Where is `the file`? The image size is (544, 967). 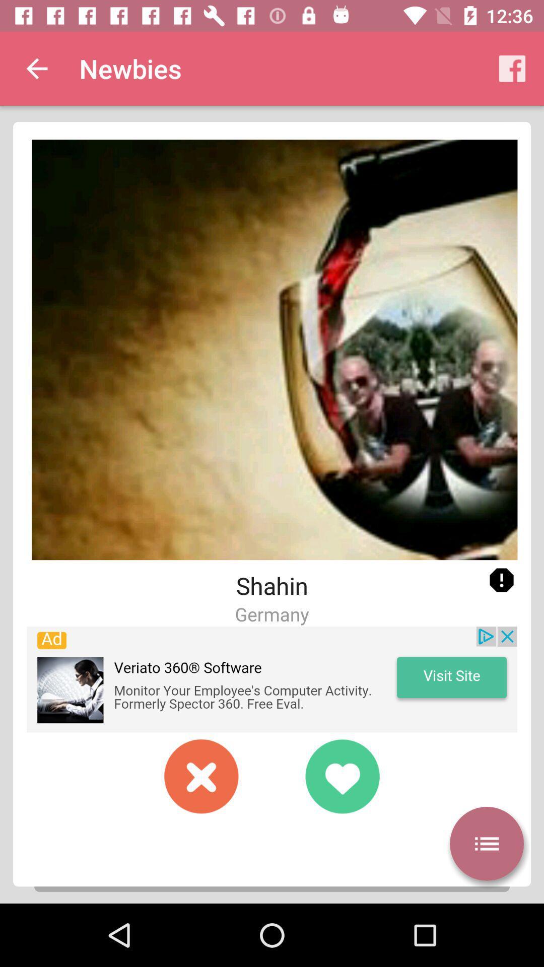
the file is located at coordinates (201, 776).